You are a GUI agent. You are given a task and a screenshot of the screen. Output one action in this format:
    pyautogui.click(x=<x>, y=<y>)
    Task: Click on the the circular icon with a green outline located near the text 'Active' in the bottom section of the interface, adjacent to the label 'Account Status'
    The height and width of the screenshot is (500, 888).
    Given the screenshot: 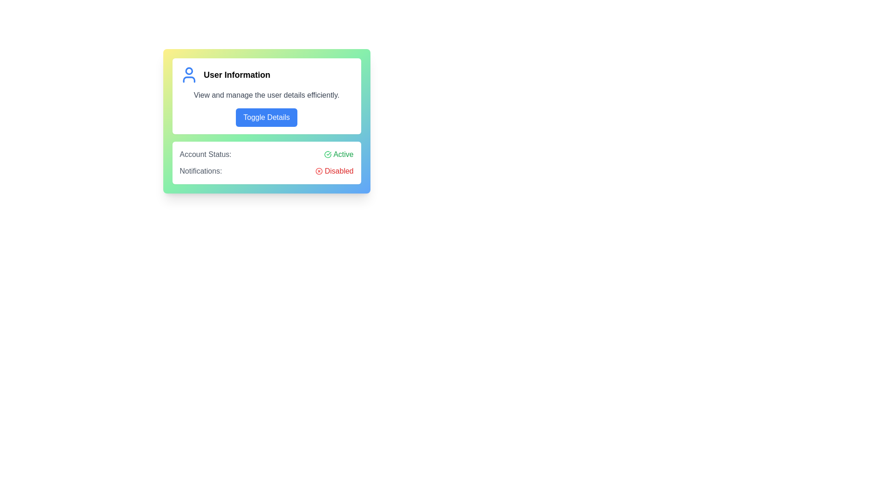 What is the action you would take?
    pyautogui.click(x=327, y=154)
    